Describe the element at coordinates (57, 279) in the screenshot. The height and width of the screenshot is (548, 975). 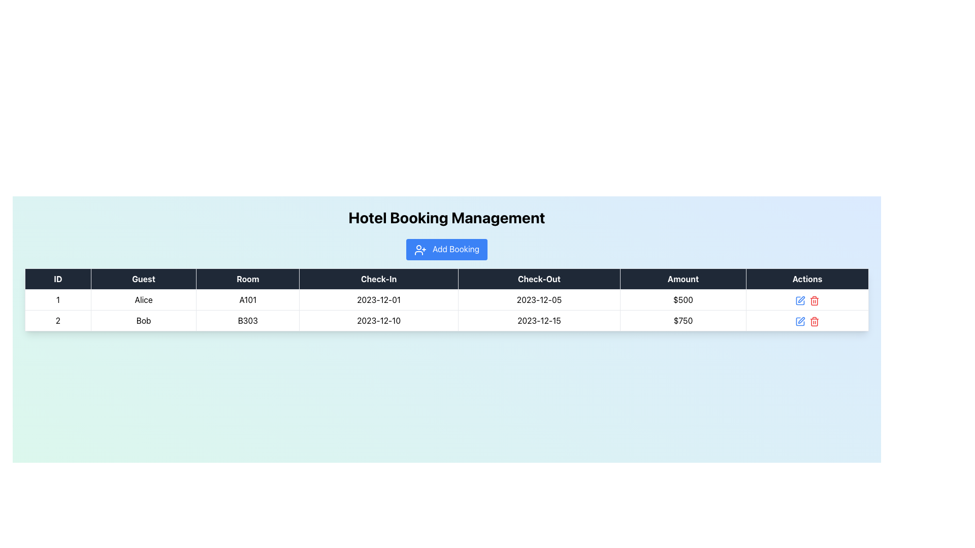
I see `the Table Header Cell containing the text 'ID' located at the upper-left corner of the table` at that location.